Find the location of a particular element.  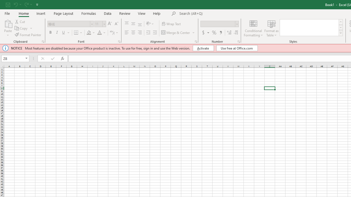

'Bottom Border' is located at coordinates (76, 33).